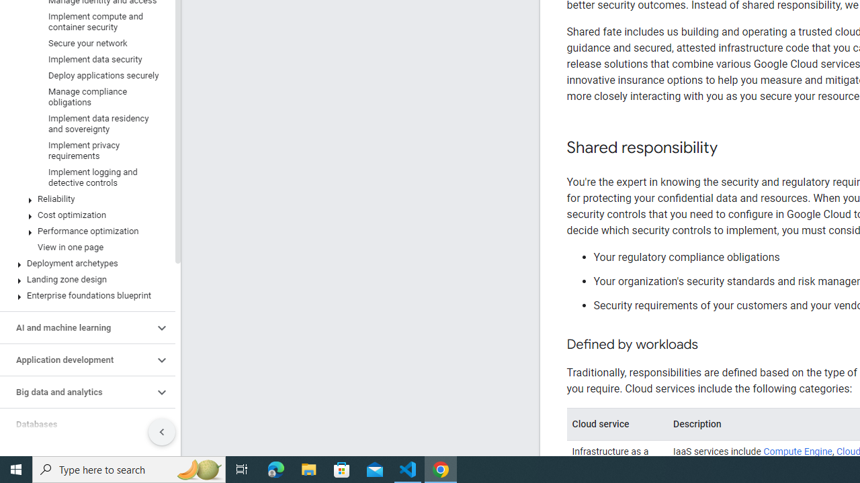 This screenshot has width=860, height=483. Describe the element at coordinates (84, 58) in the screenshot. I see `'Implement data security'` at that location.